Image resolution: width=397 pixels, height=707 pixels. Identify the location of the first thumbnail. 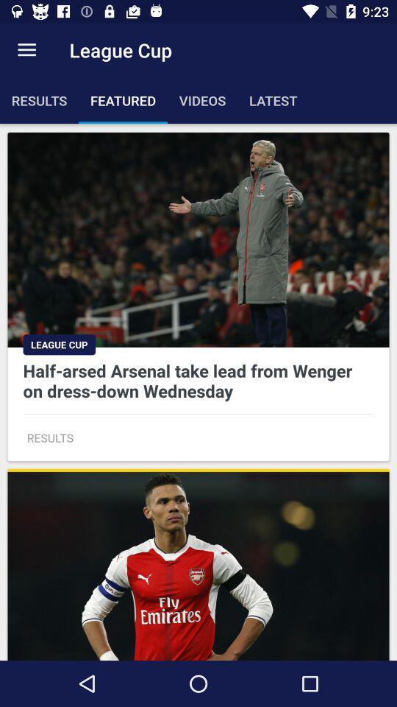
(198, 296).